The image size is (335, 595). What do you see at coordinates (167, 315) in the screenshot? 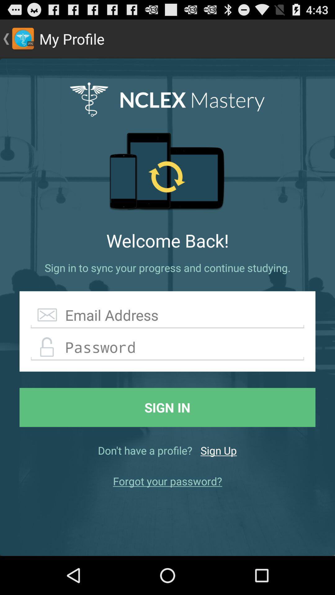
I see `the app below the sign in to item` at bounding box center [167, 315].